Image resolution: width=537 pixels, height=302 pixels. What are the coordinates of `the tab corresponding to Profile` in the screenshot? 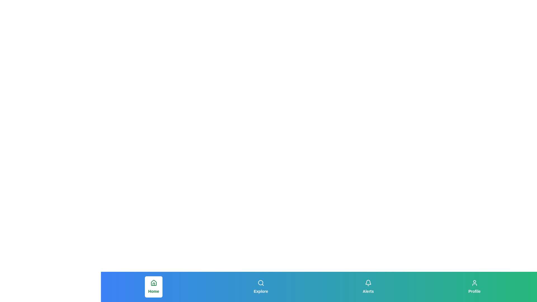 It's located at (474, 287).